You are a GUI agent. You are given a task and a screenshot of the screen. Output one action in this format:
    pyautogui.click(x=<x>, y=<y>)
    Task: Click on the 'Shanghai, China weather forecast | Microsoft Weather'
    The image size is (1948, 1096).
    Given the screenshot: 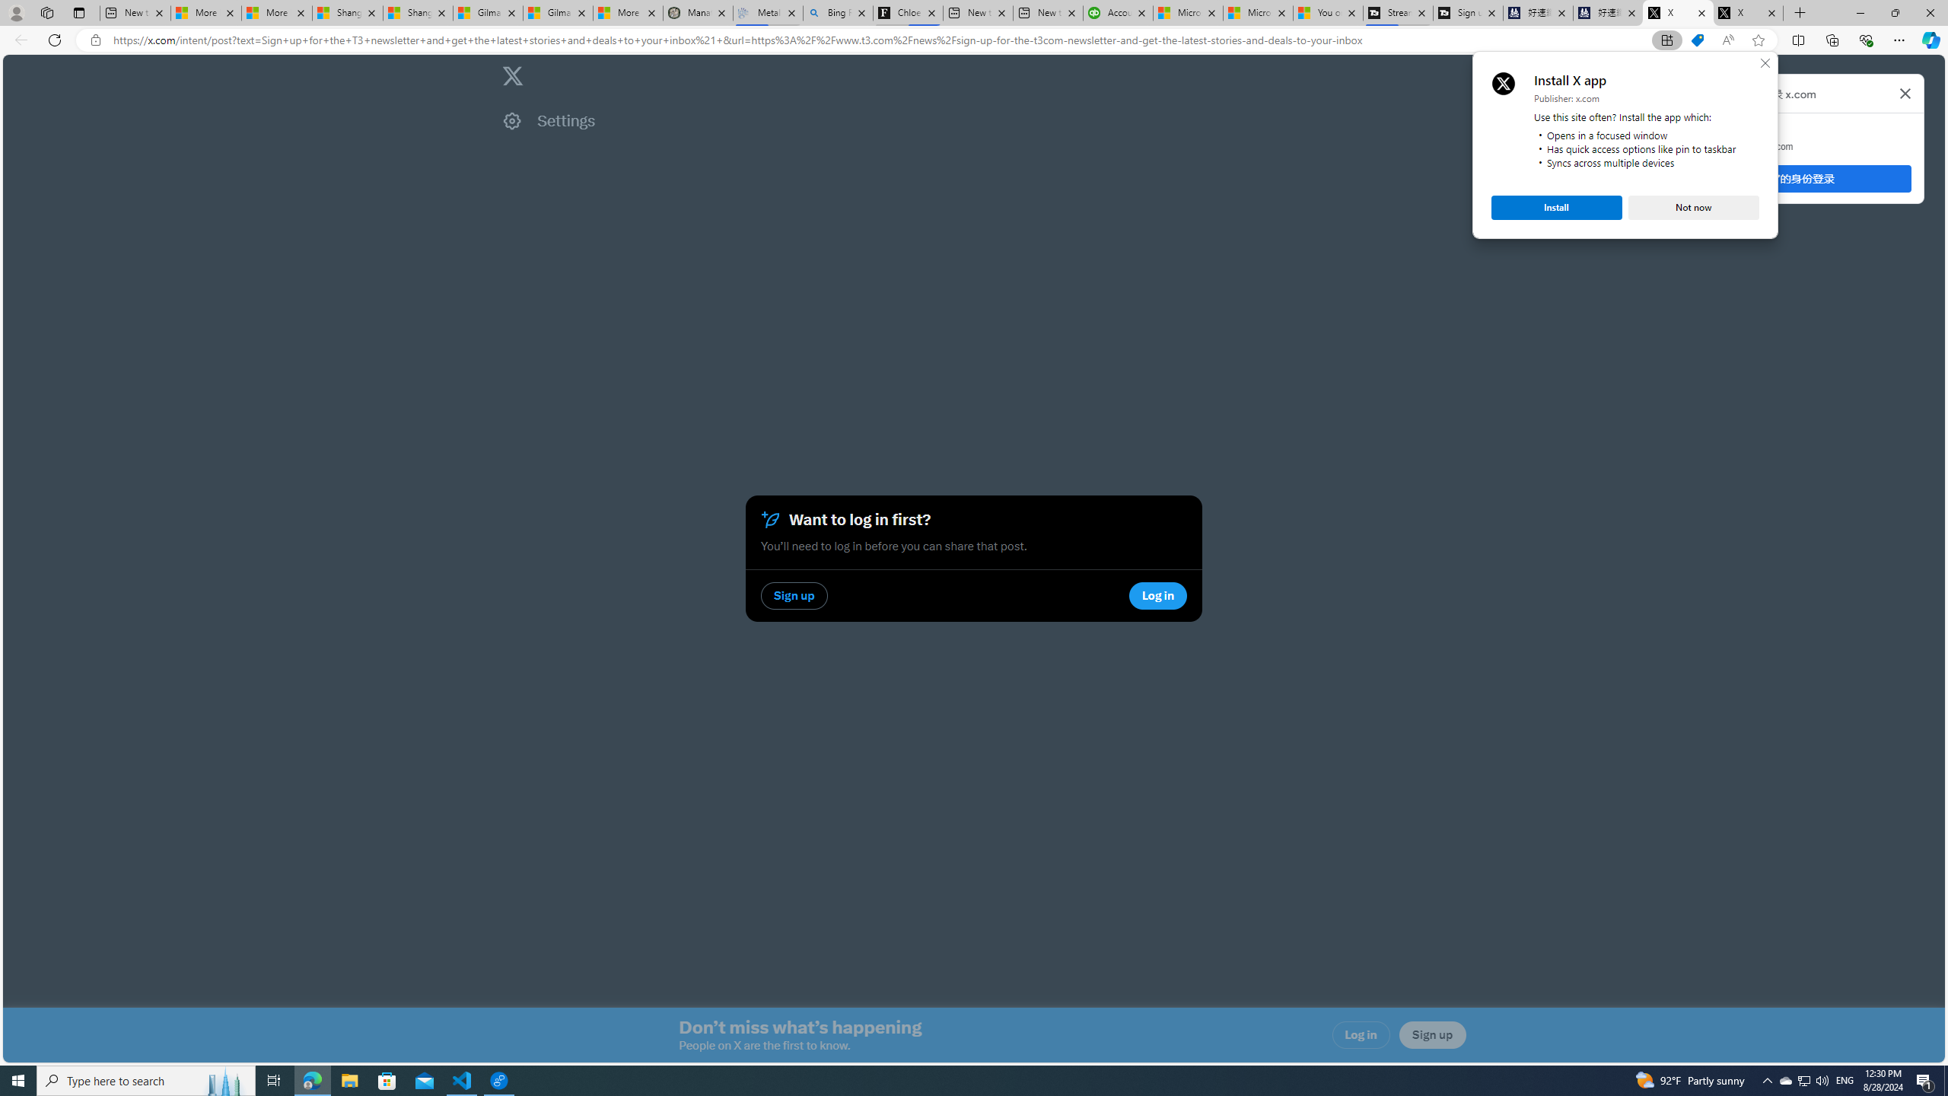 What is the action you would take?
    pyautogui.click(x=418, y=12)
    